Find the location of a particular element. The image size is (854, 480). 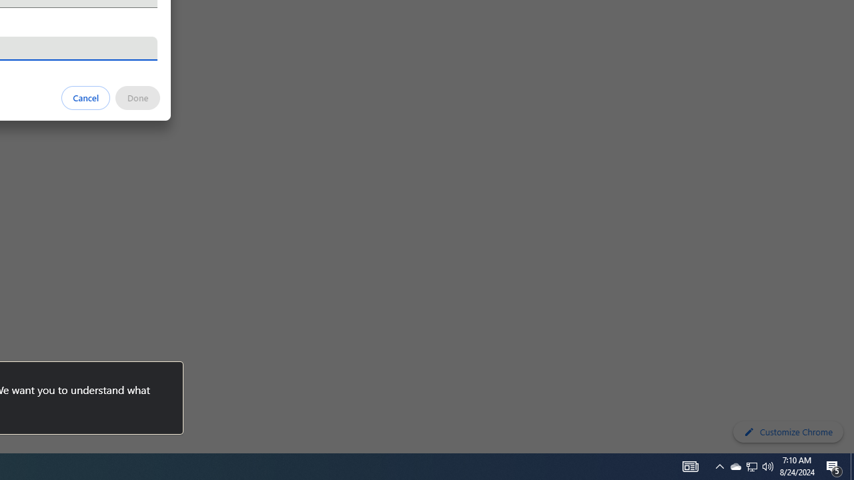

'Done' is located at coordinates (137, 97).